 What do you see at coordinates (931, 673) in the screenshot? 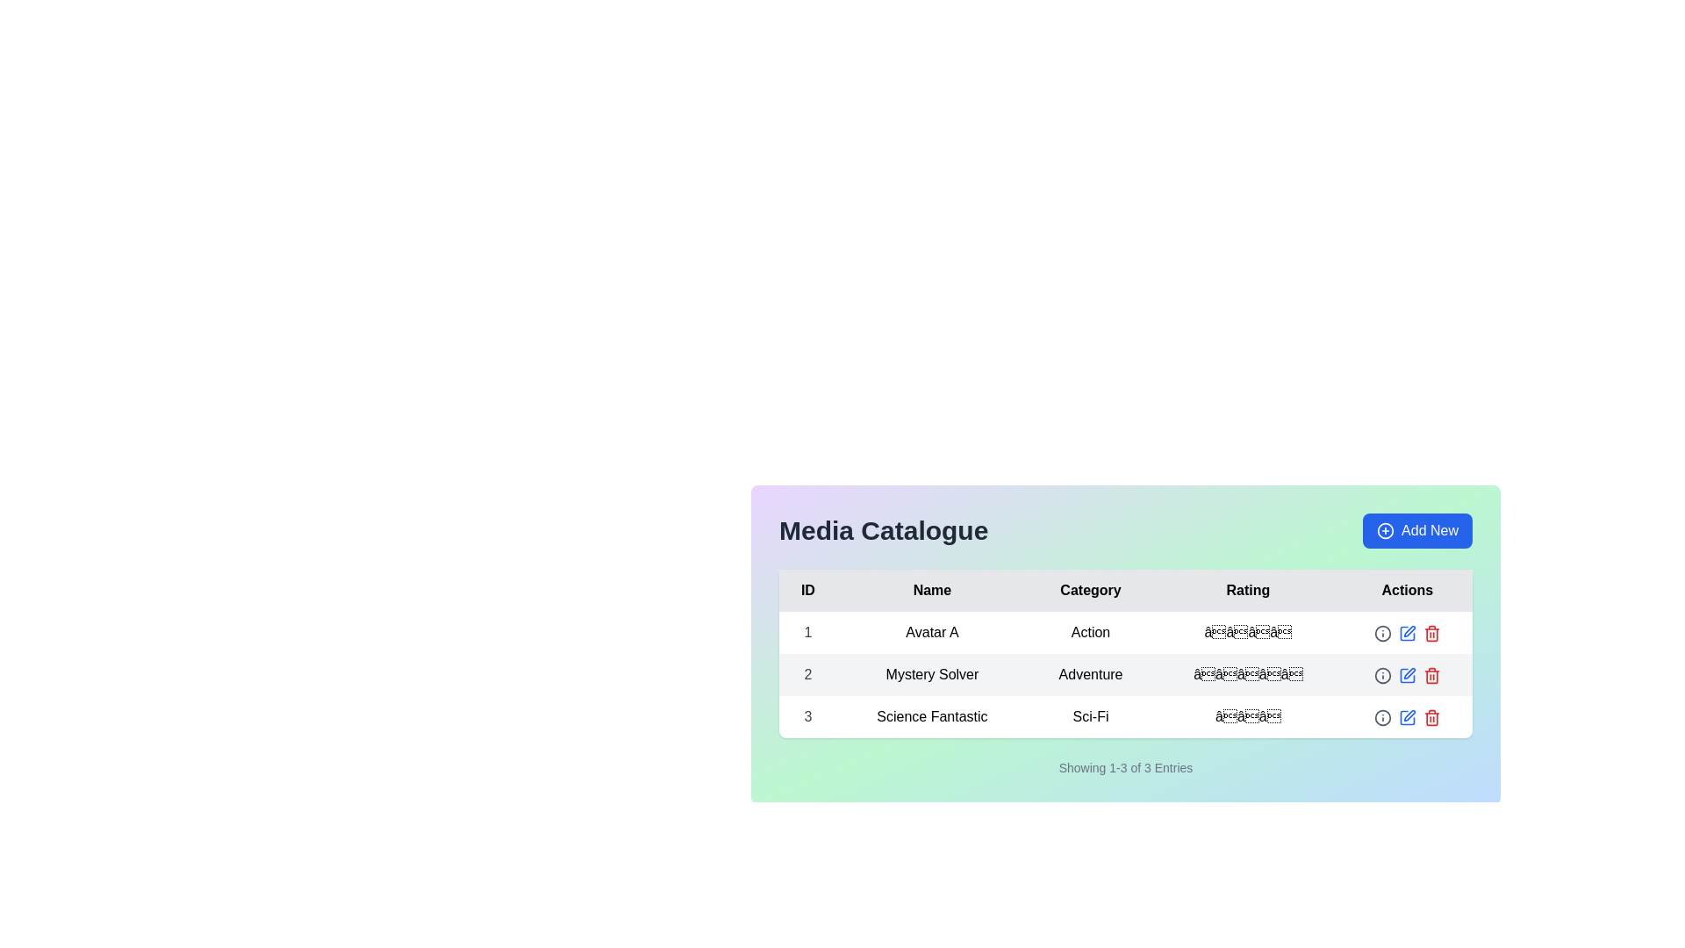
I see `the Table Cell Text in the second row under the 'Name' column of the 'Media Catalogue'` at bounding box center [931, 673].